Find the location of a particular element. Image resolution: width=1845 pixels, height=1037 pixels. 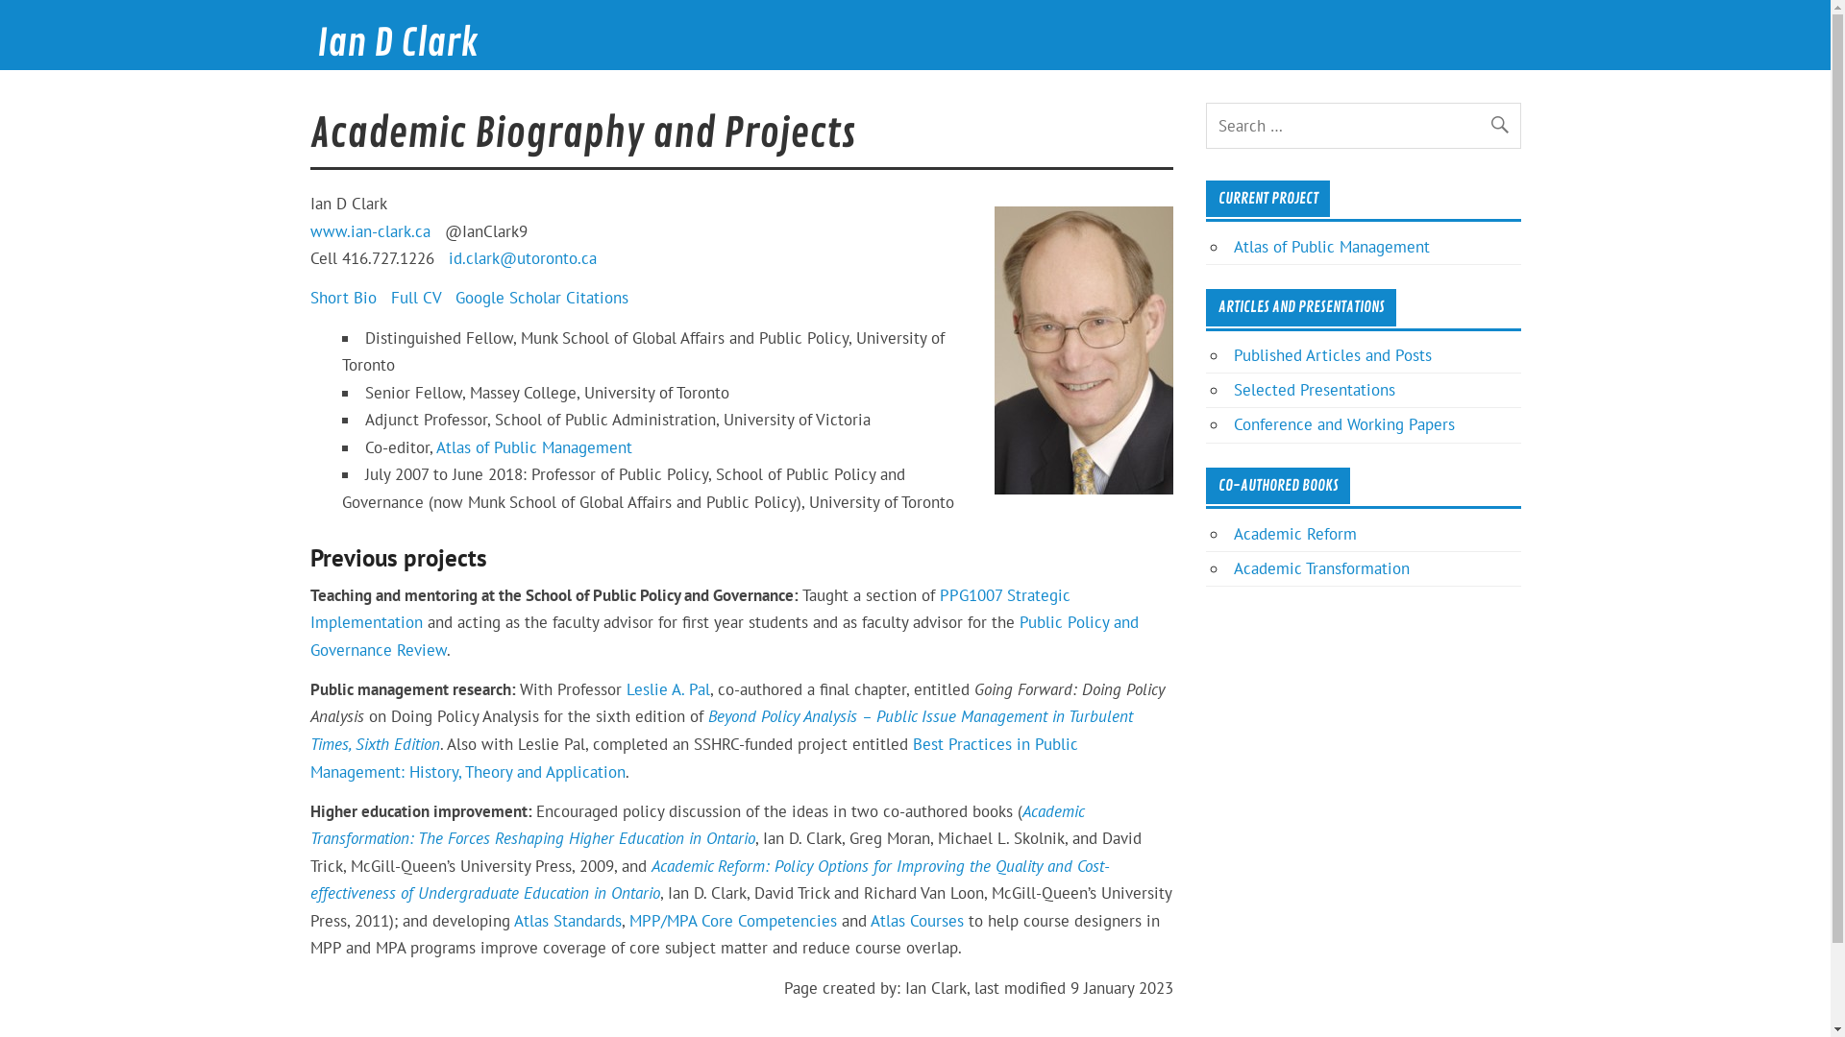

'Conference and Working Papers' is located at coordinates (1342, 423).